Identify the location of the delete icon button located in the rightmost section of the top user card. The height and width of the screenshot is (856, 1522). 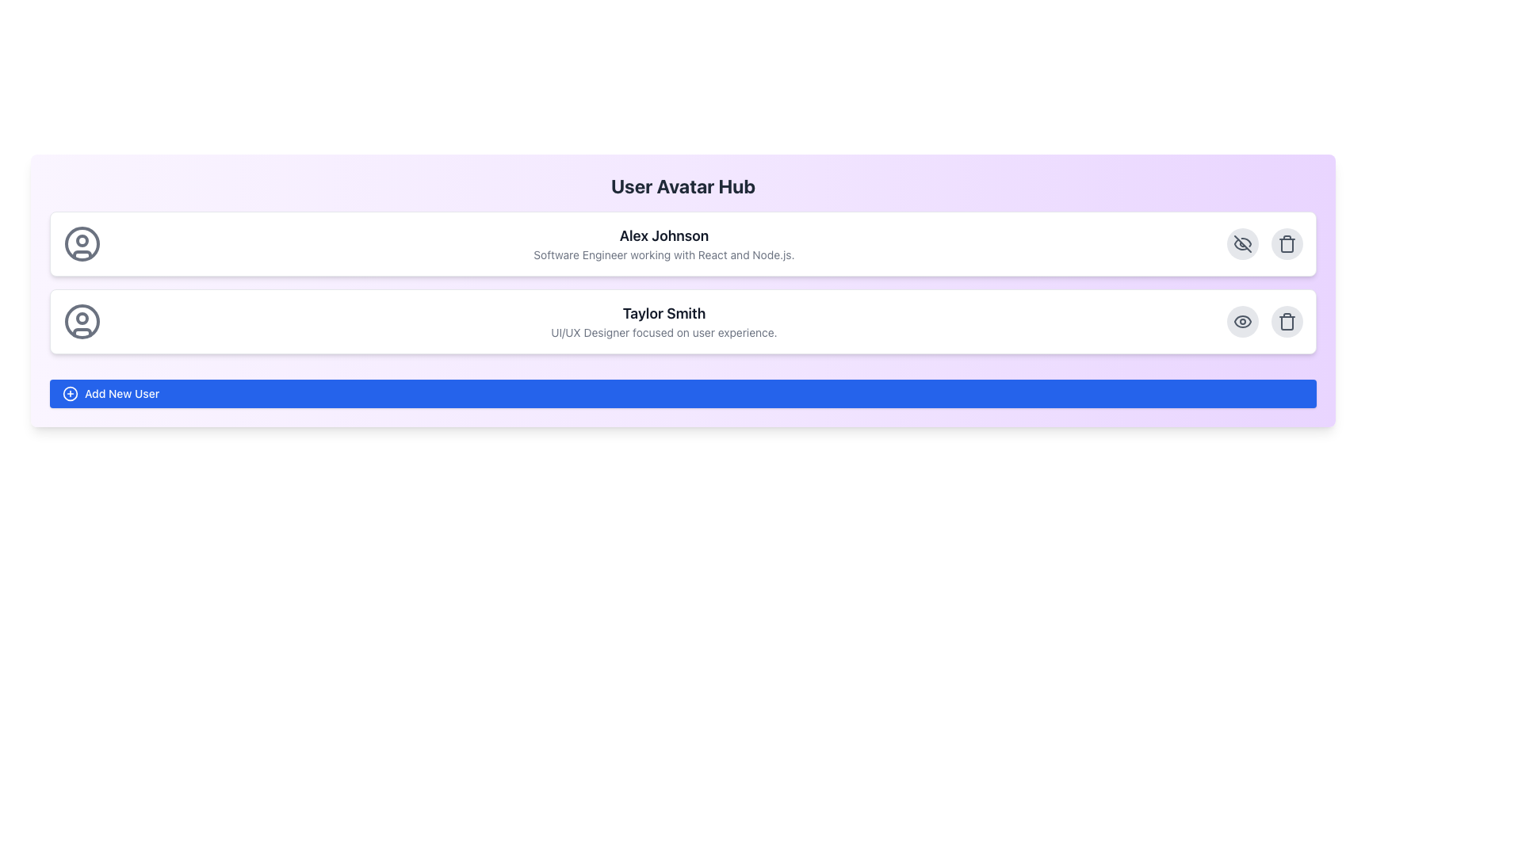
(1287, 244).